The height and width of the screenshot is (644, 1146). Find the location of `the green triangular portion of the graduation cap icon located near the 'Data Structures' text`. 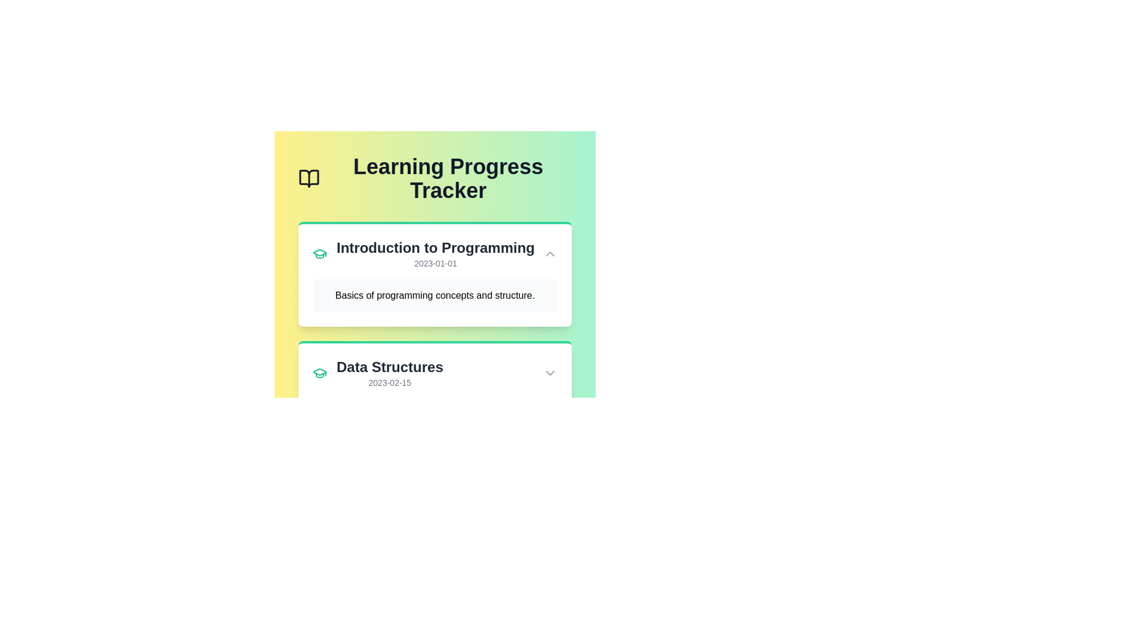

the green triangular portion of the graduation cap icon located near the 'Data Structures' text is located at coordinates (320, 252).